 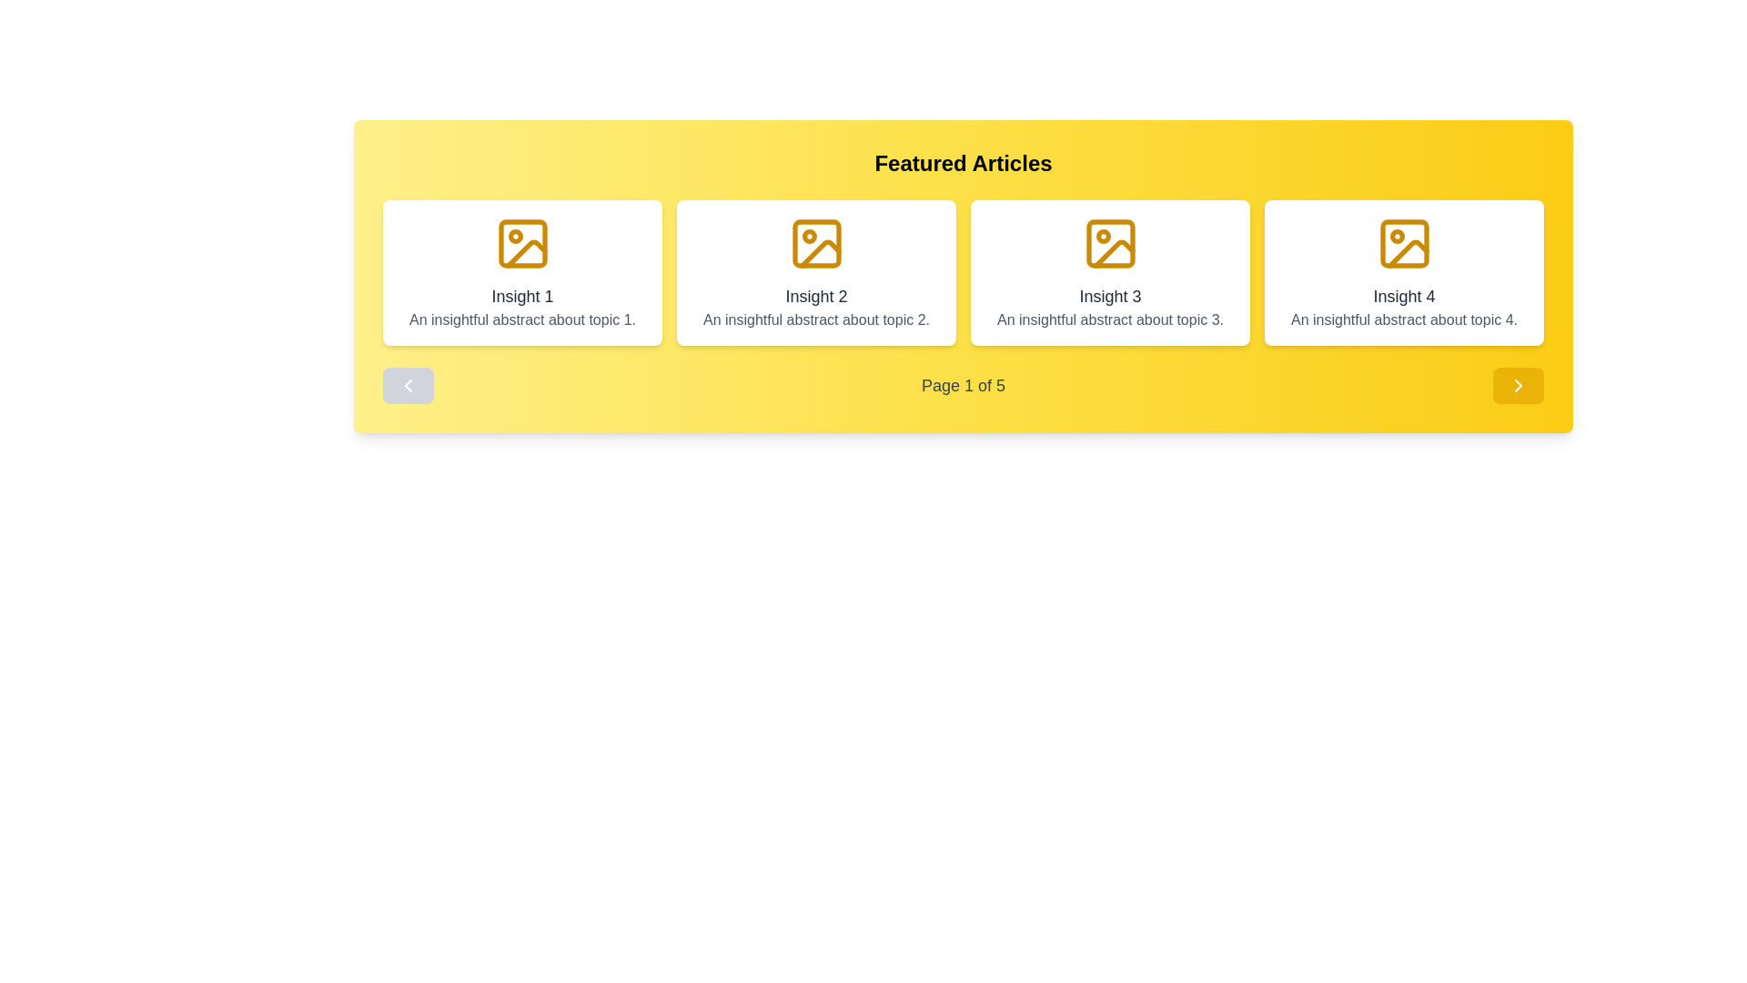 I want to click on the SVG icon representing an image outline, which is the first element within the fourth card in the 'Featured Articles' section, so click(x=1403, y=242).